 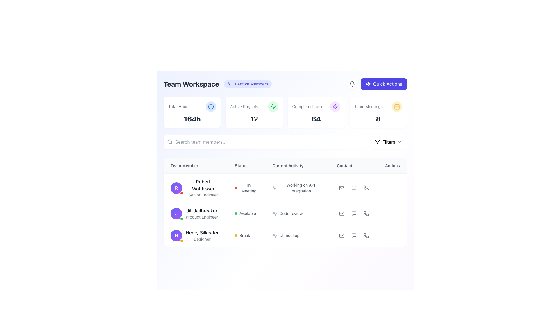 What do you see at coordinates (354, 188) in the screenshot?
I see `the speech bubble icon located in the 'Actions' column of the first row of the team member table` at bounding box center [354, 188].